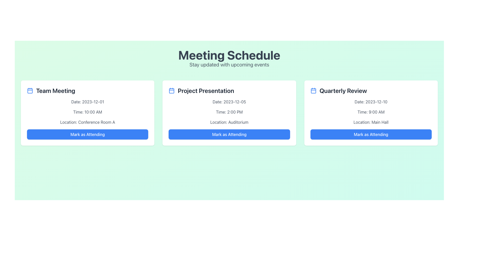 Image resolution: width=489 pixels, height=275 pixels. What do you see at coordinates (313, 90) in the screenshot?
I see `the static calendar icon associated with the 'Quarterly Review' event, located at the top-left of the event card` at bounding box center [313, 90].